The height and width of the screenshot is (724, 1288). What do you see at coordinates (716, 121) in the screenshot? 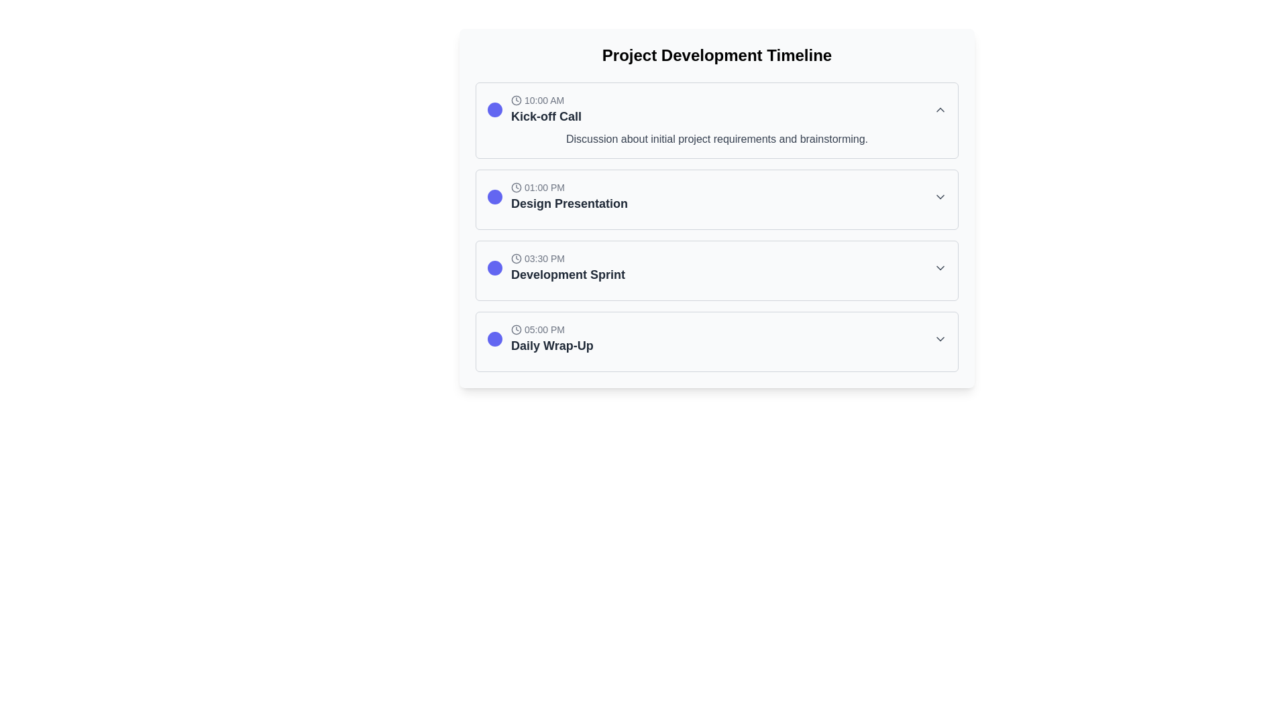
I see `the first card in the timeline interface labeled '10:00 AM Kick-off Call'` at bounding box center [716, 121].